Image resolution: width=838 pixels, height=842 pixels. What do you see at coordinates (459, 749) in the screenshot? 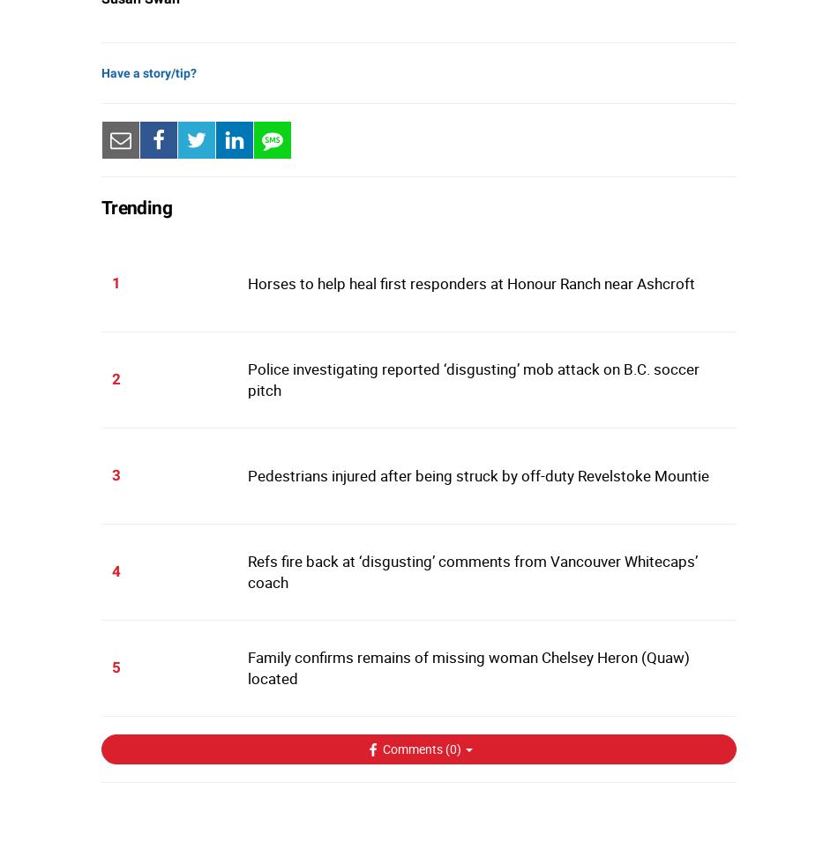
I see `')'` at bounding box center [459, 749].